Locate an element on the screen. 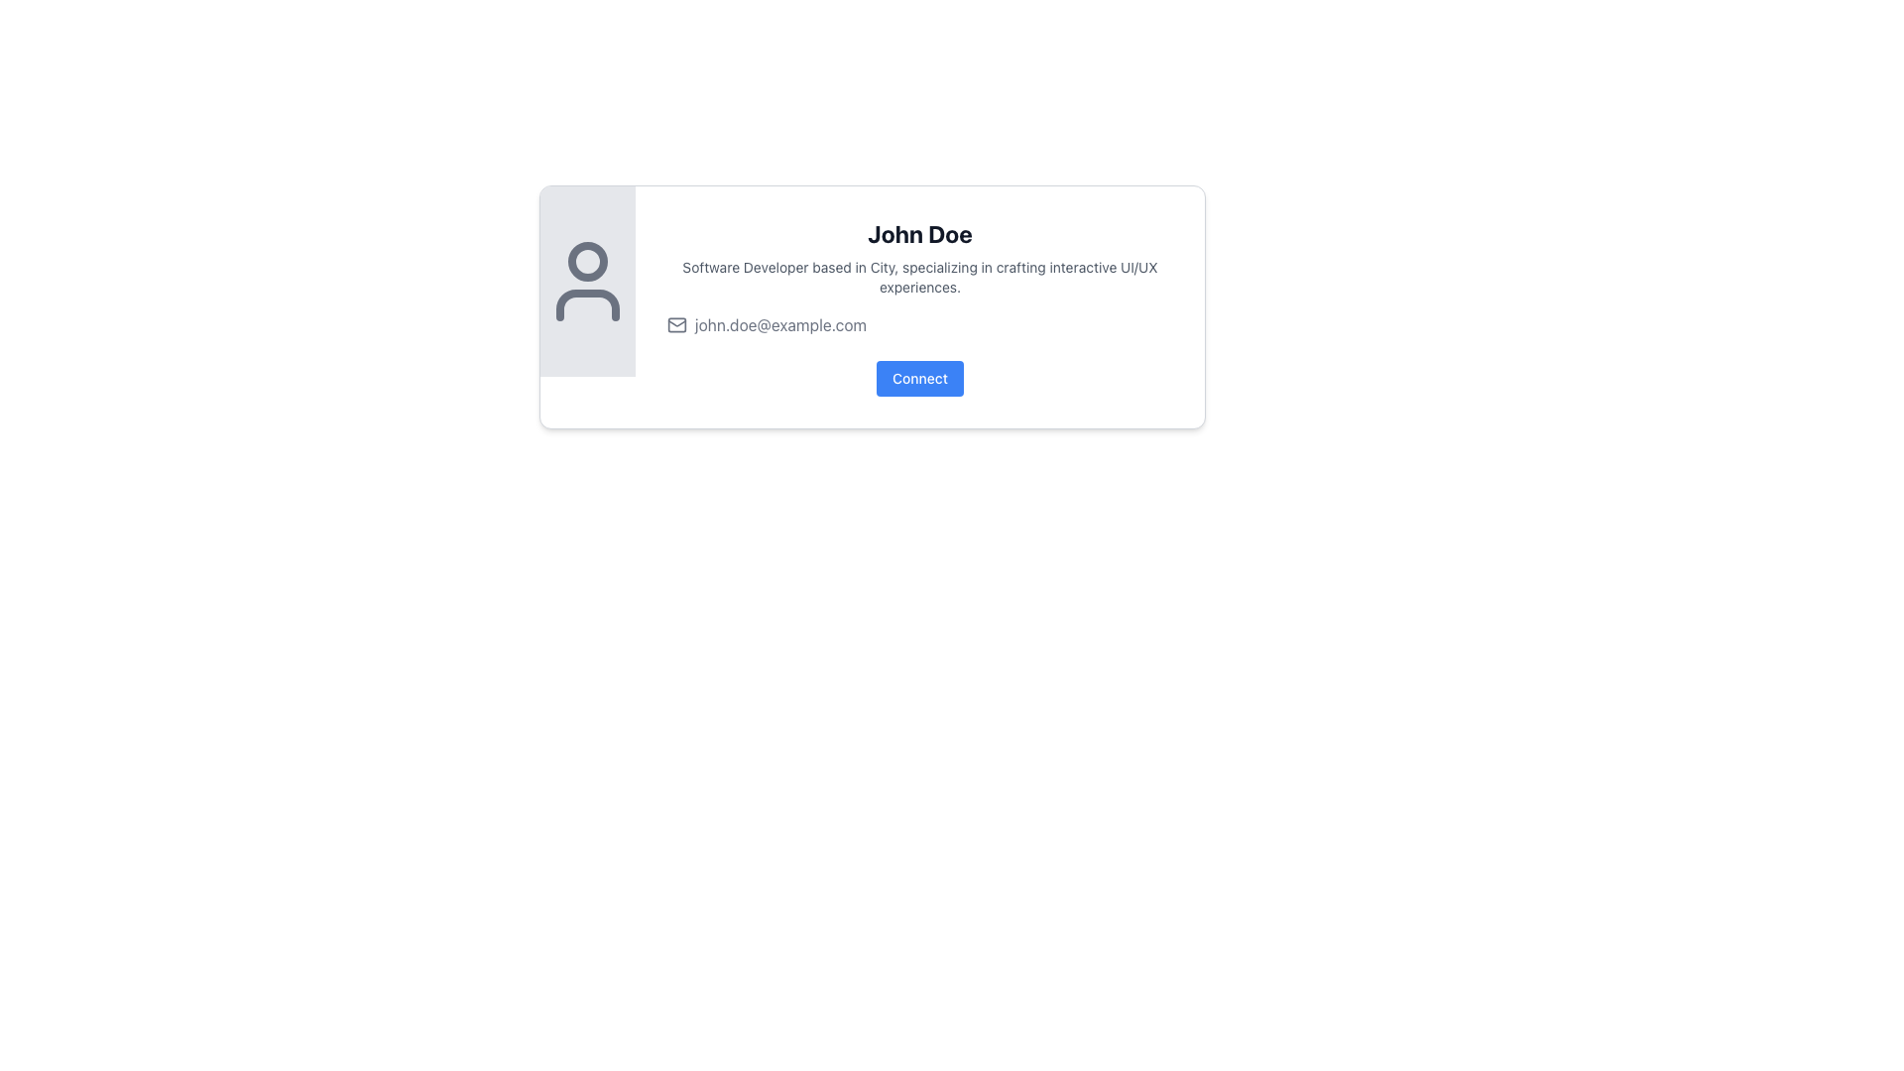 The image size is (1904, 1071). text label displaying the name 'John Doe' which serves as a title within the card layout is located at coordinates (918, 232).